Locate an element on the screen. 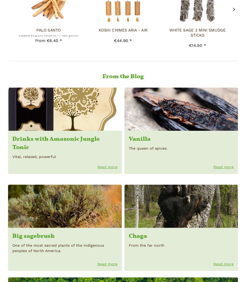 The width and height of the screenshot is (246, 282). 'The queen of spices.' is located at coordinates (128, 148).